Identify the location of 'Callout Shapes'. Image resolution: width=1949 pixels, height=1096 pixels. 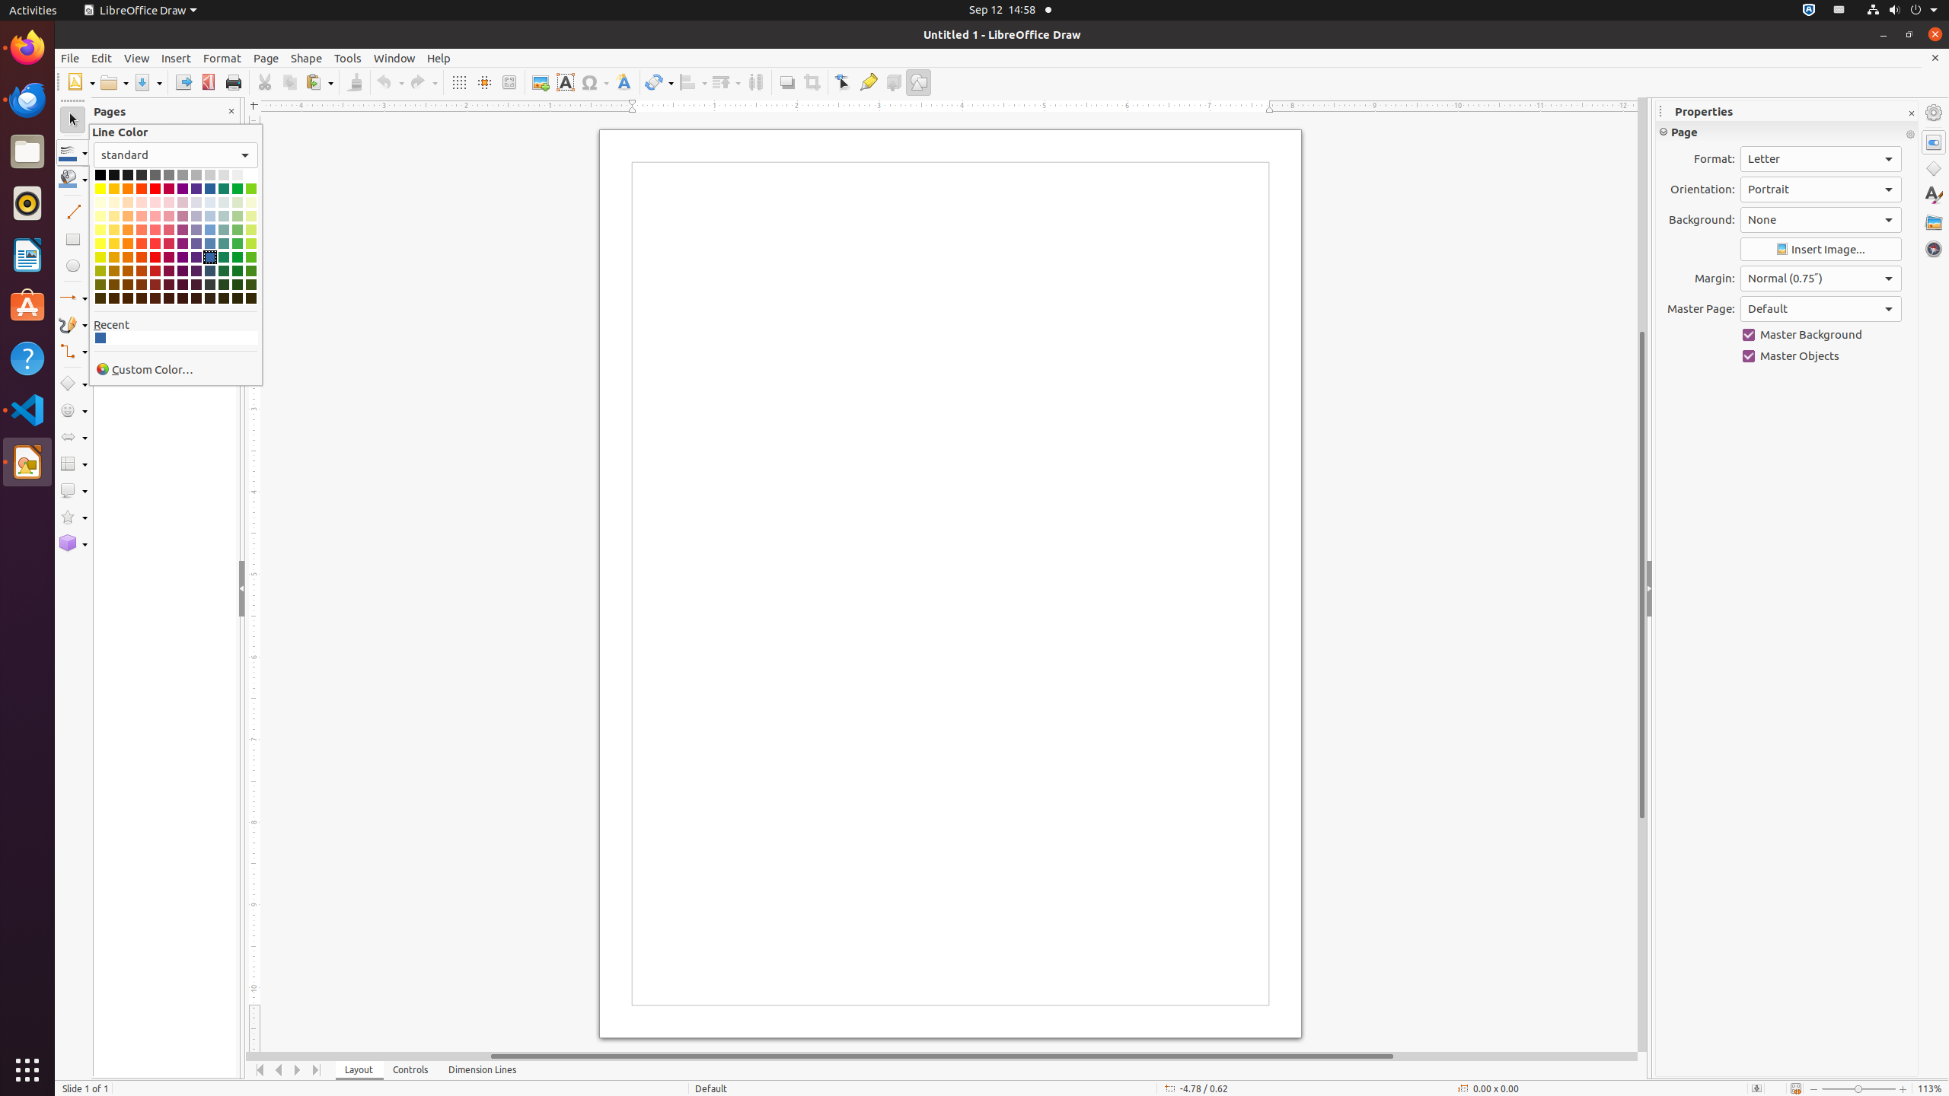
(72, 489).